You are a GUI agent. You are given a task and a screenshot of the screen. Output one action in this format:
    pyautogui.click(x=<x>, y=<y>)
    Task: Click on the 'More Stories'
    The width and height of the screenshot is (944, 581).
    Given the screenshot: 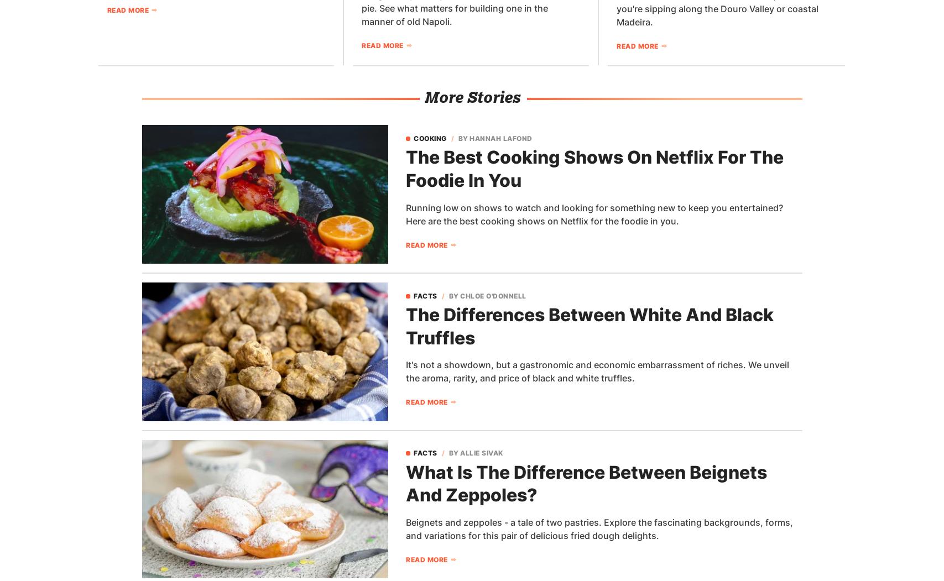 What is the action you would take?
    pyautogui.click(x=471, y=97)
    